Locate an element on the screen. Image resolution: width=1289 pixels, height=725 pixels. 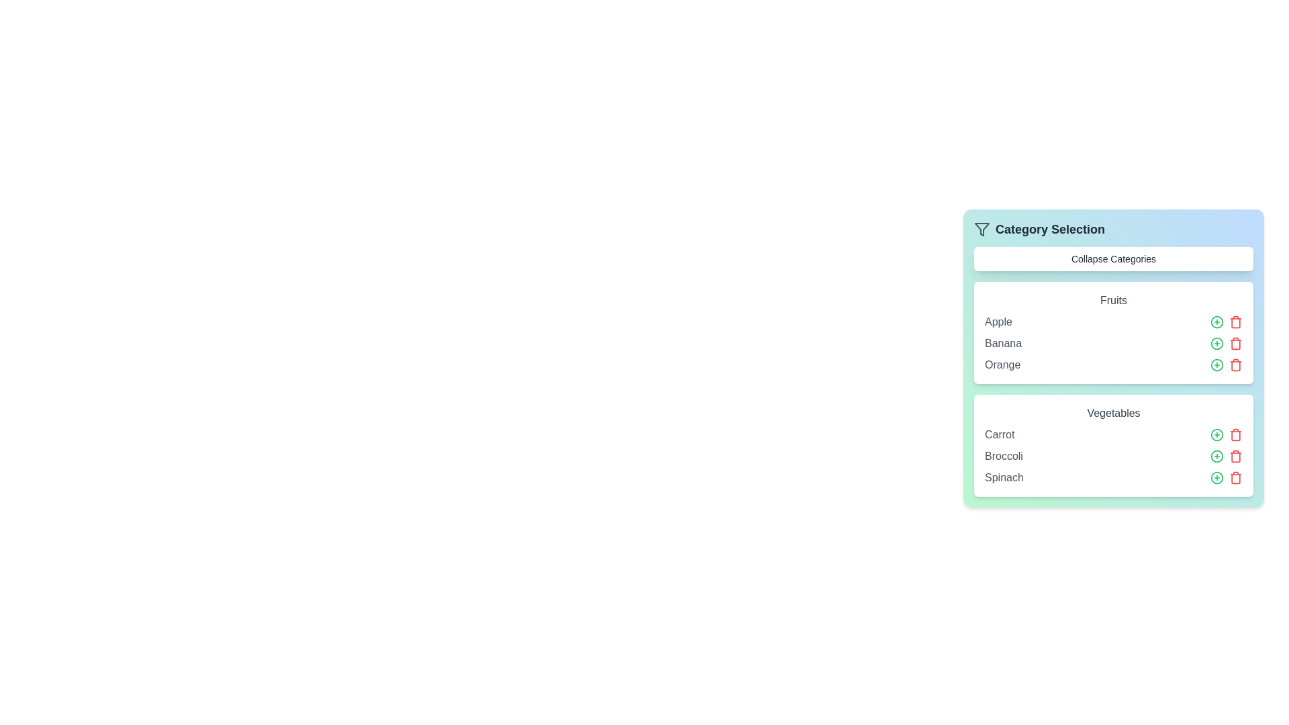
the green '+' button next to the item Broccoli to add it to the selected list is located at coordinates (1217, 455).